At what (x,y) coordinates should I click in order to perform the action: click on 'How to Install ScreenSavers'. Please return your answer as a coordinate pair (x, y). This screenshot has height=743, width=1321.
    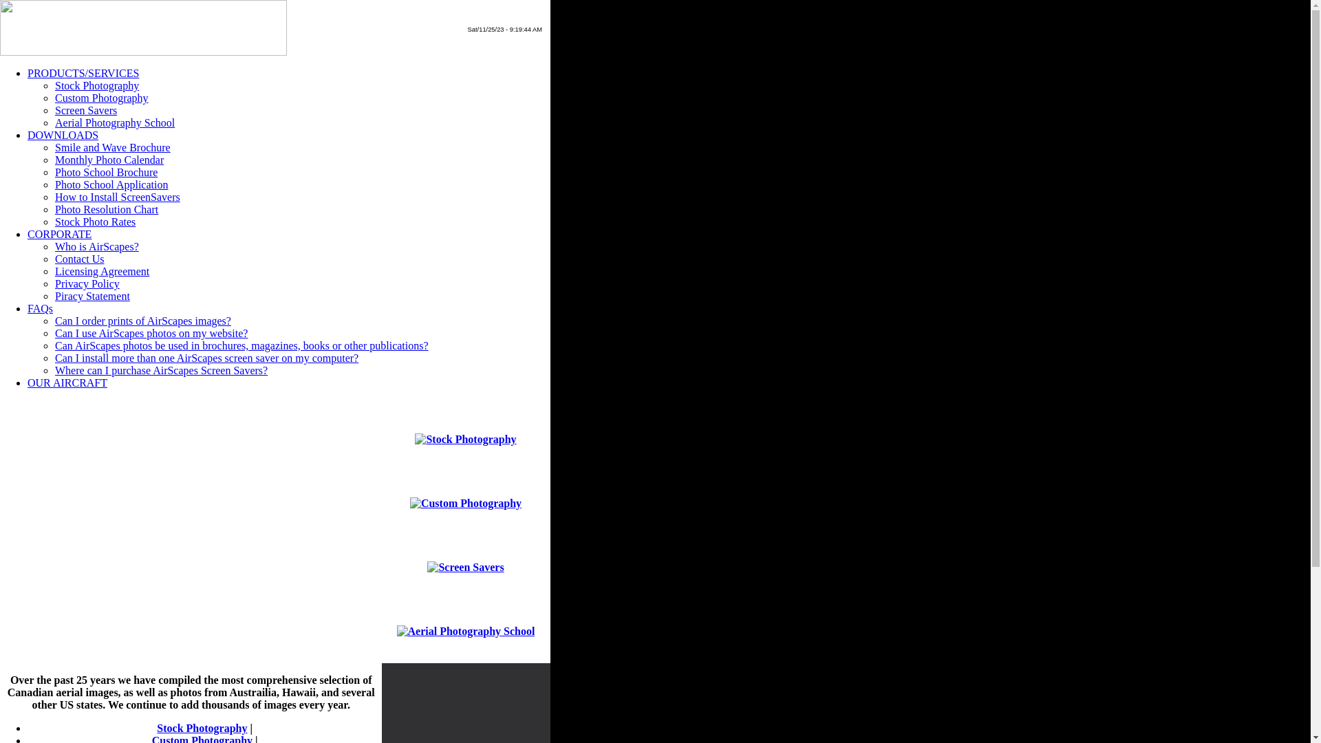
    Looking at the image, I should click on (118, 197).